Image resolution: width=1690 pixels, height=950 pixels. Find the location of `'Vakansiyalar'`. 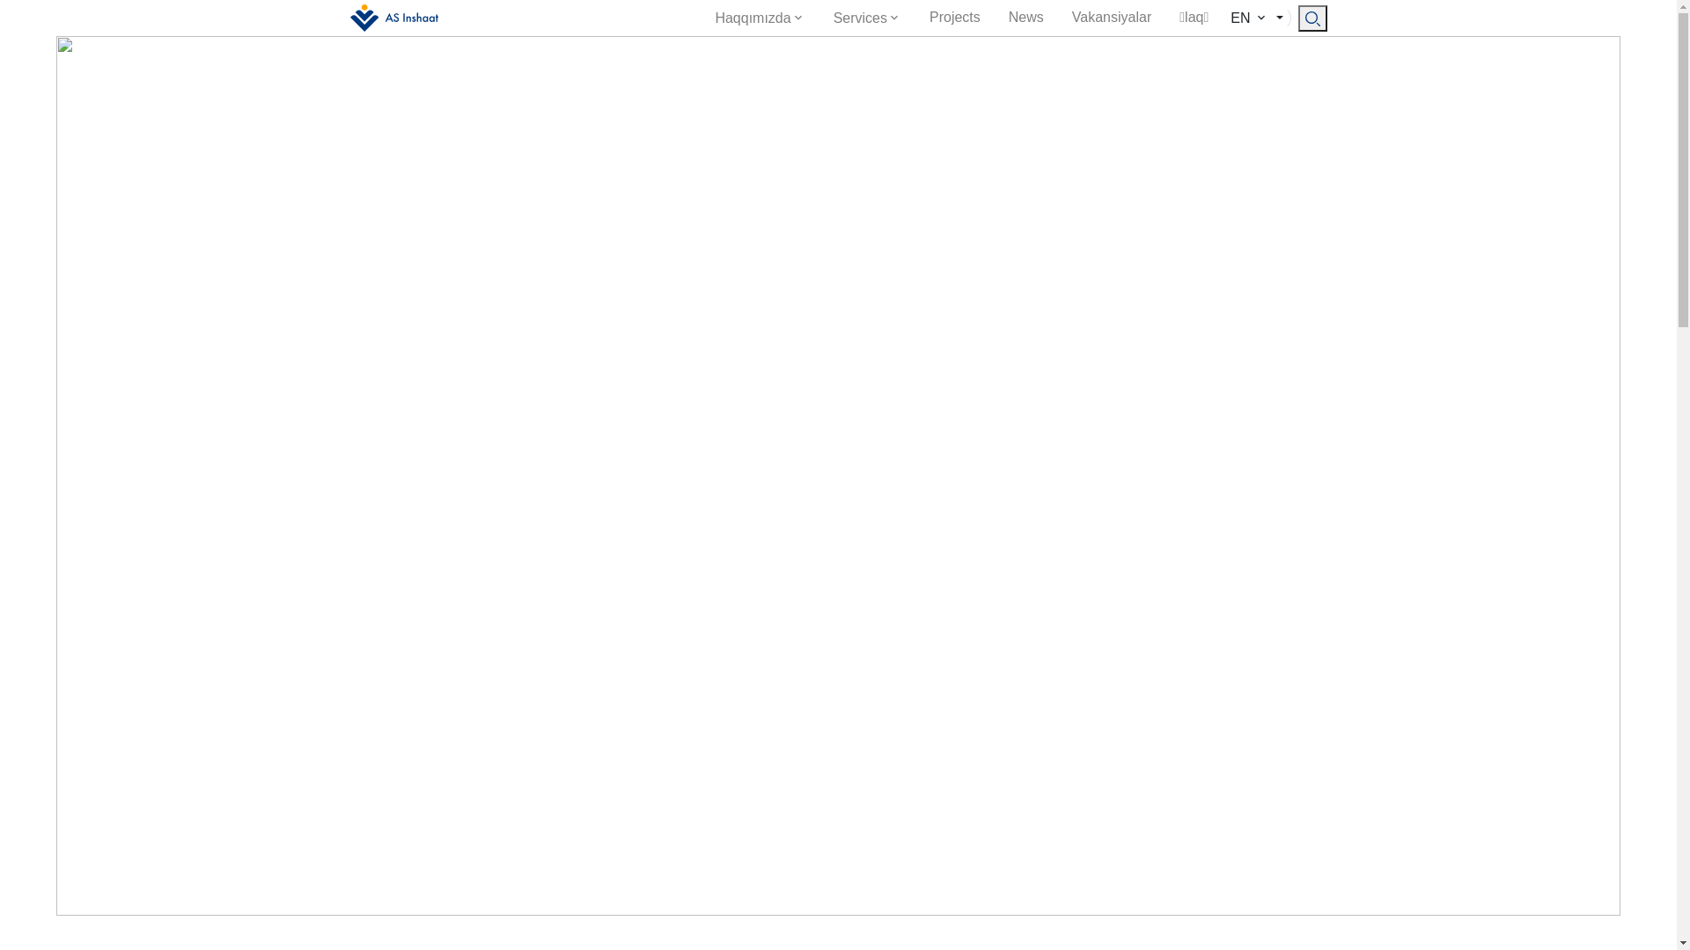

'Vakansiyalar' is located at coordinates (1056, 17).